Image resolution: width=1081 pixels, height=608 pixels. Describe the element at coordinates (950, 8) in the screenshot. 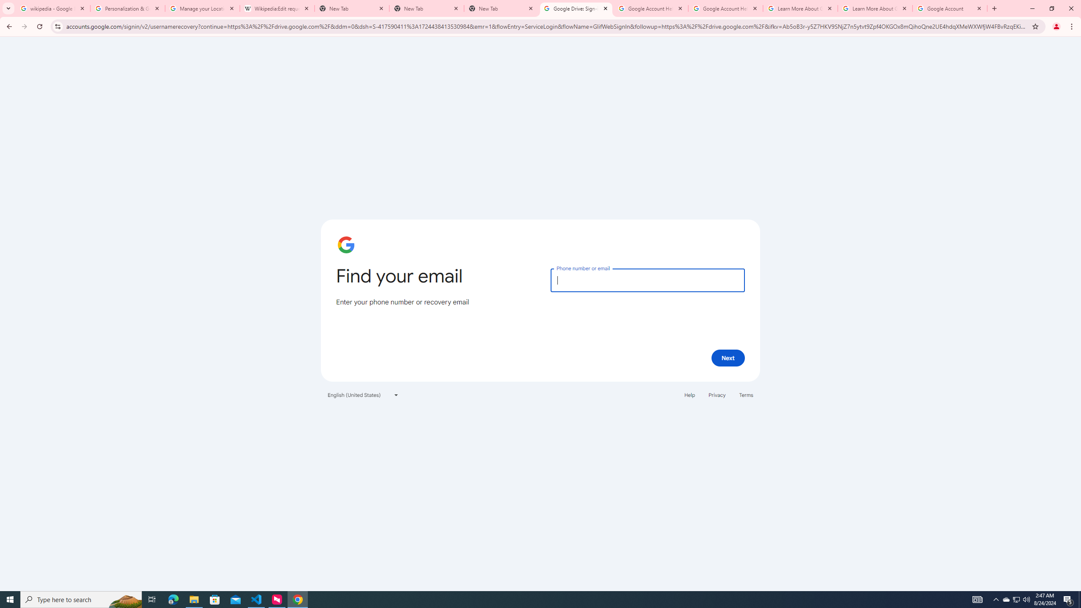

I see `'Google Account'` at that location.